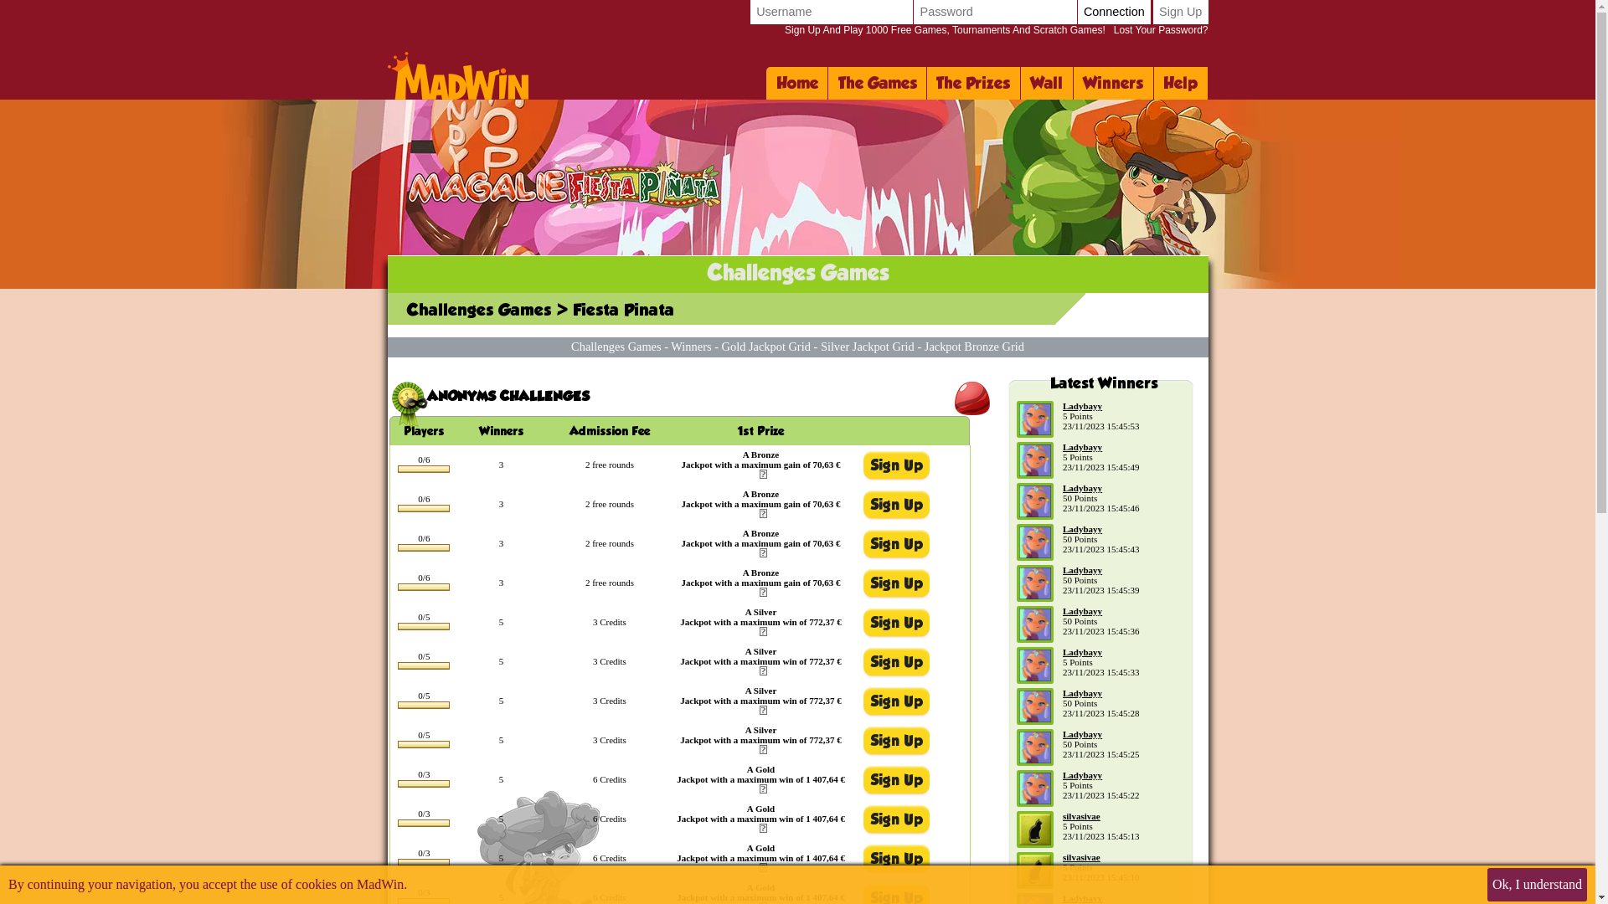 The image size is (1608, 904). I want to click on 'The Games', so click(876, 83).